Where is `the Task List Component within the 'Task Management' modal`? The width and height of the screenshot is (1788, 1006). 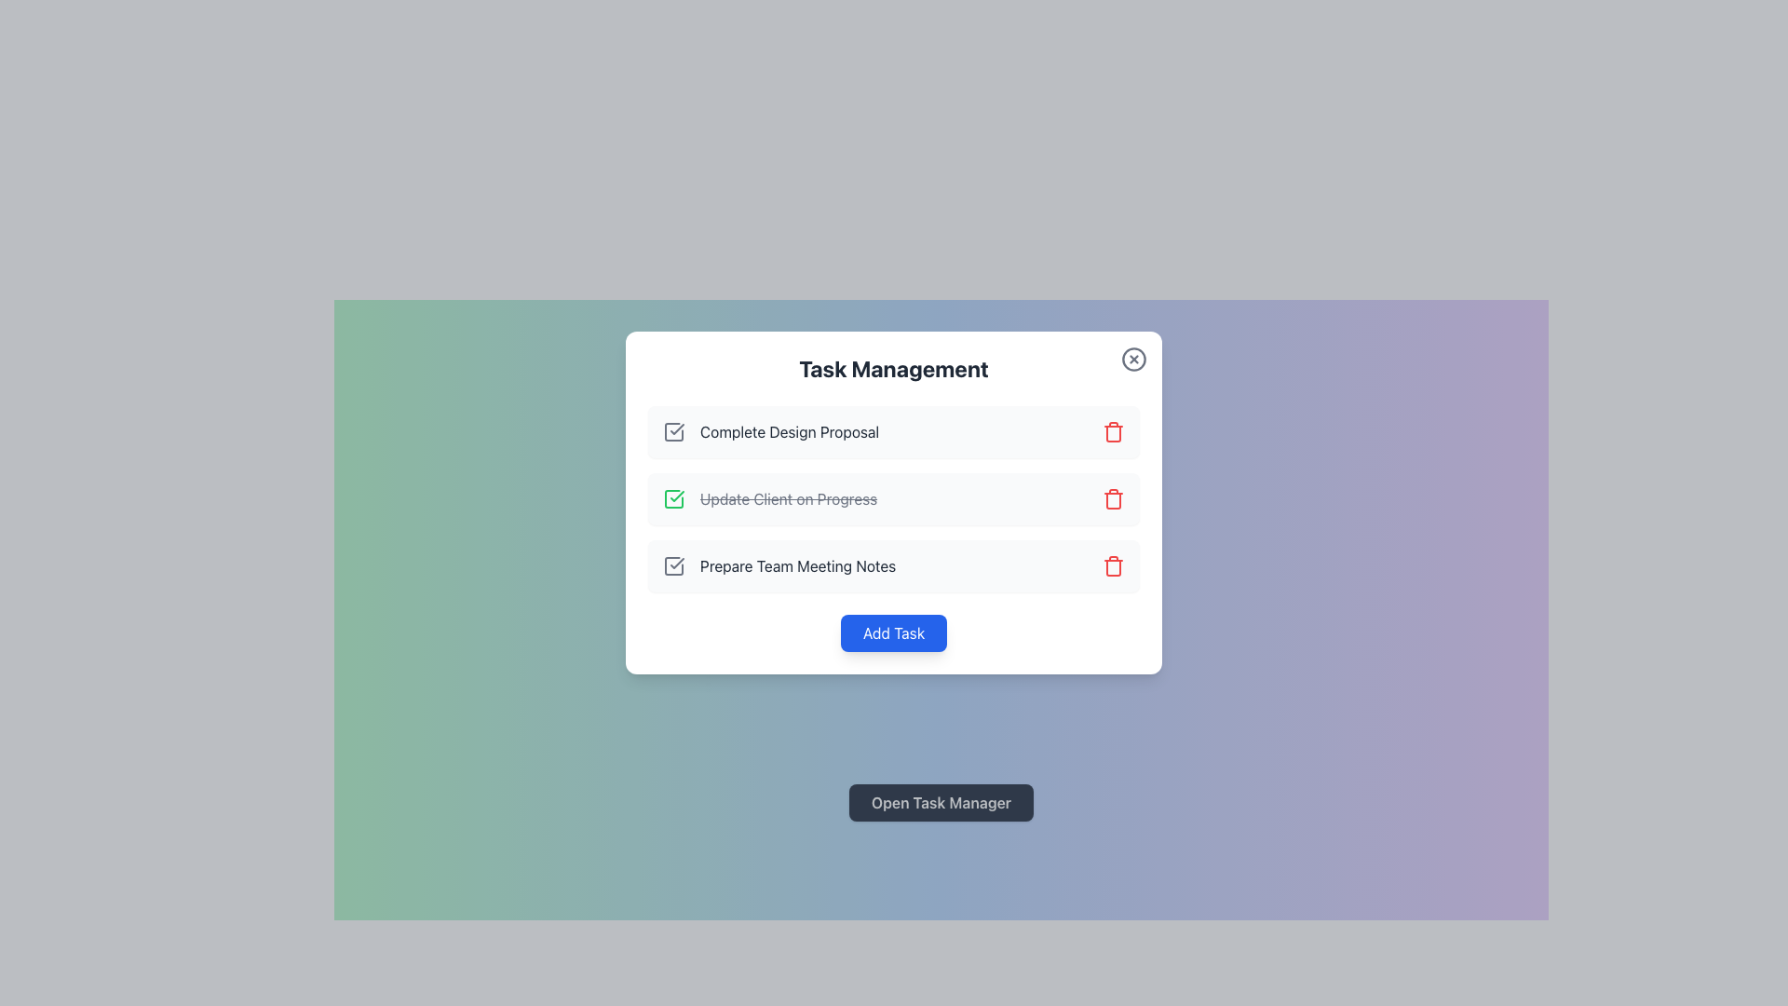
the Task List Component within the 'Task Management' modal is located at coordinates (894, 498).